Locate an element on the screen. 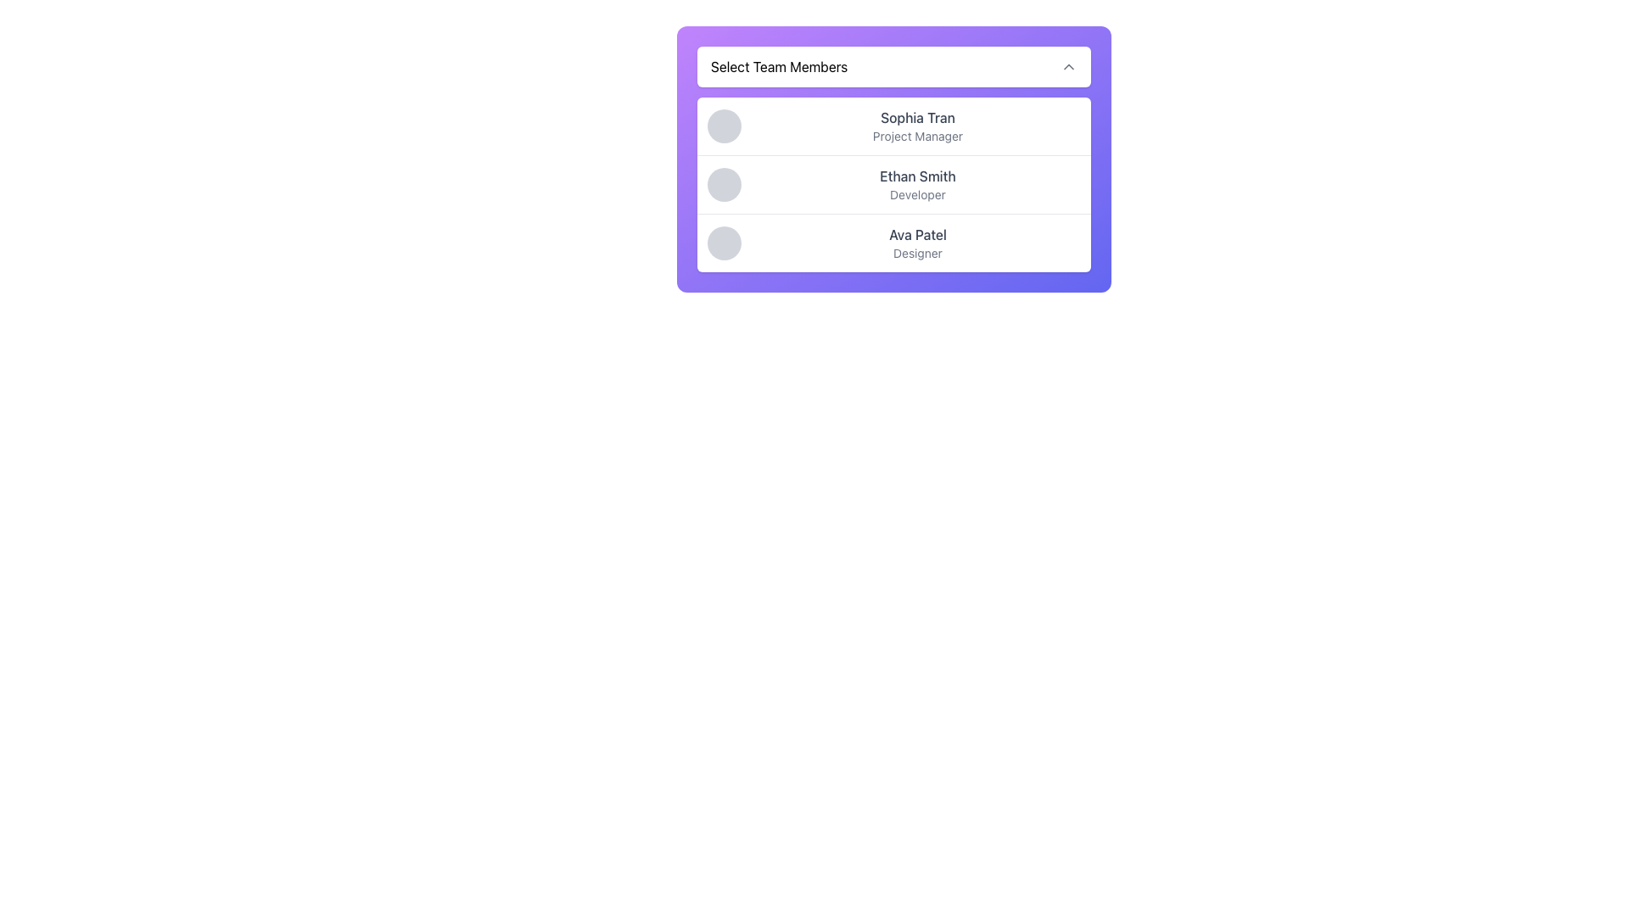 The width and height of the screenshot is (1629, 916). the list item displaying 'Ava Patel', the third entry in the user list is located at coordinates (916, 243).